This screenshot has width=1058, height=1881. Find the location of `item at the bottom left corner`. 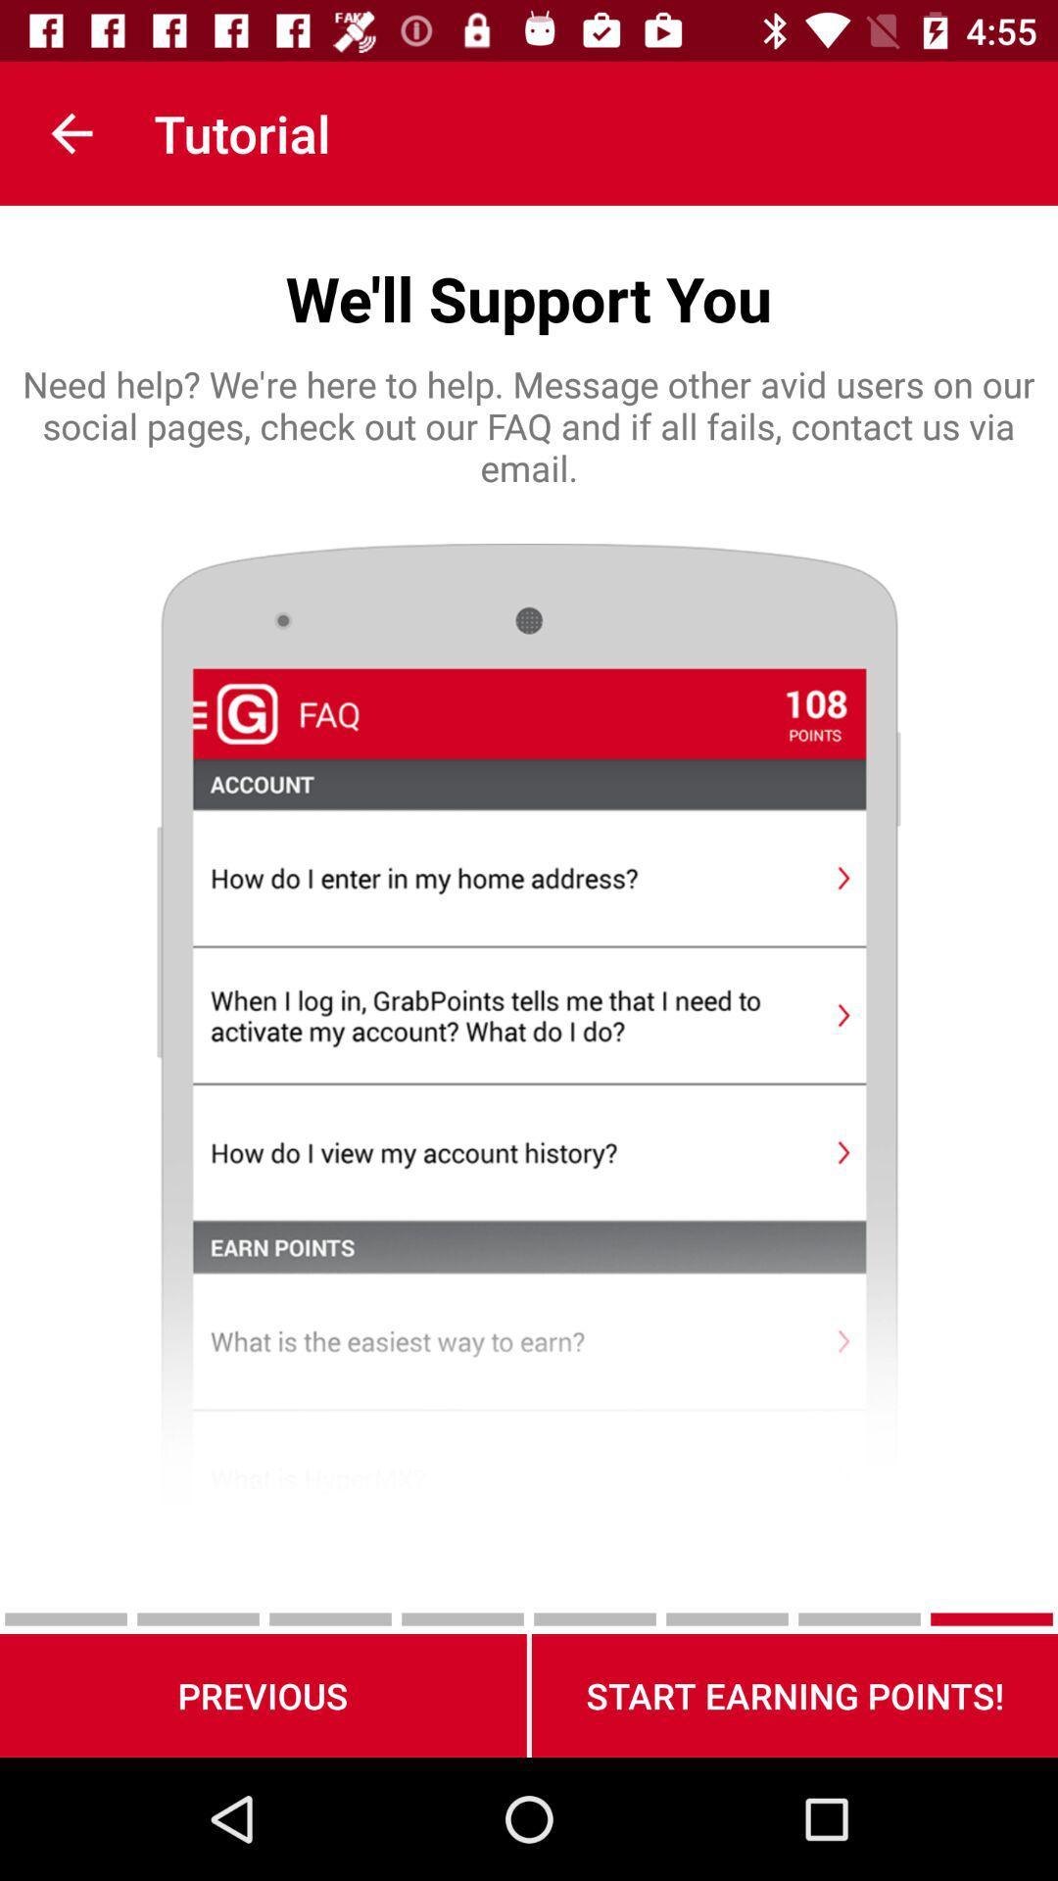

item at the bottom left corner is located at coordinates (262, 1695).